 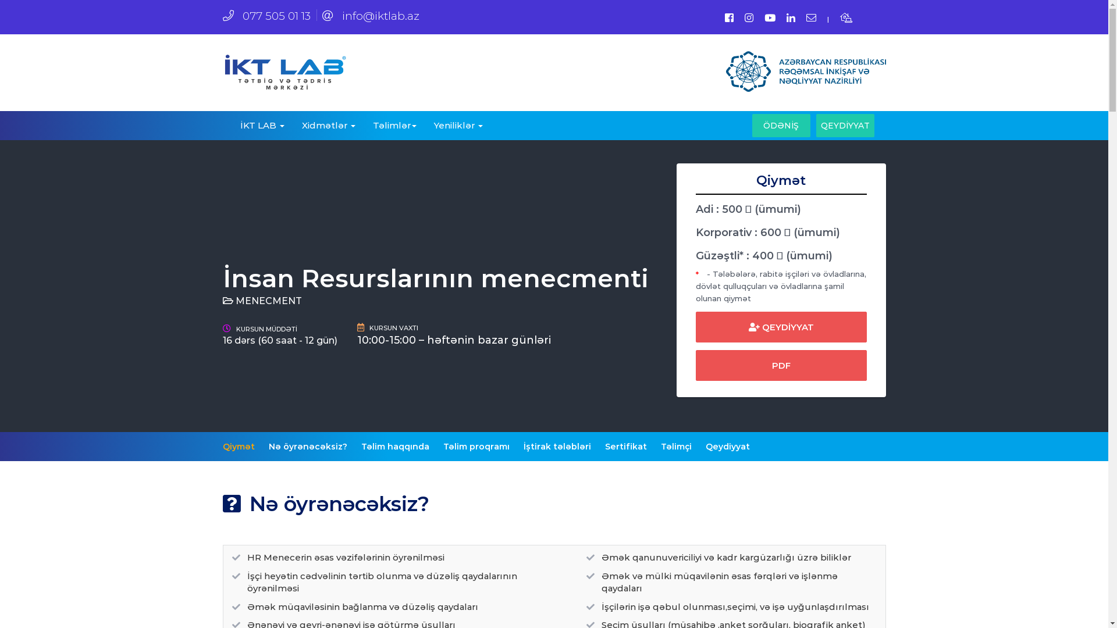 What do you see at coordinates (625, 445) in the screenshot?
I see `'Sertifikat'` at bounding box center [625, 445].